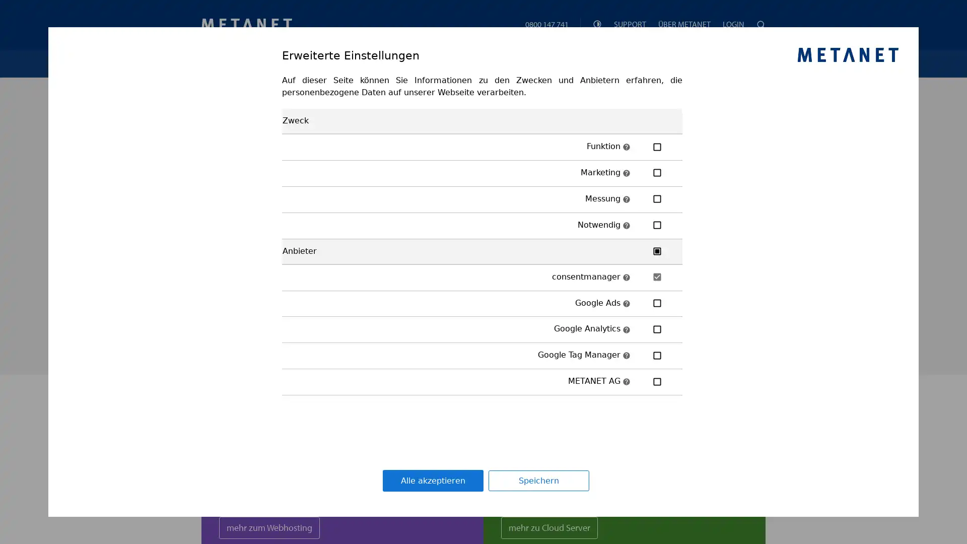 This screenshot has width=967, height=544. I want to click on Prufen, so click(728, 322).